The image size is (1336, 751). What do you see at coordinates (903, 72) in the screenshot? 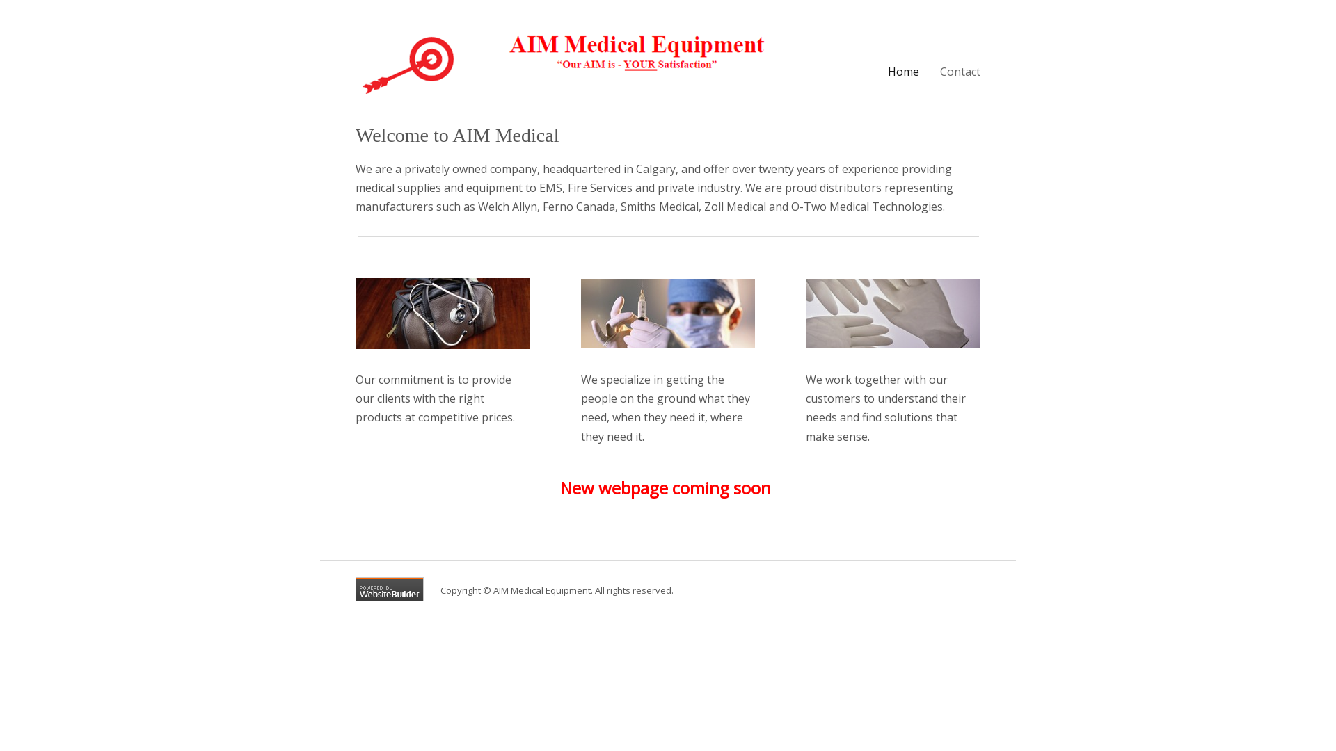
I see `'Home'` at bounding box center [903, 72].